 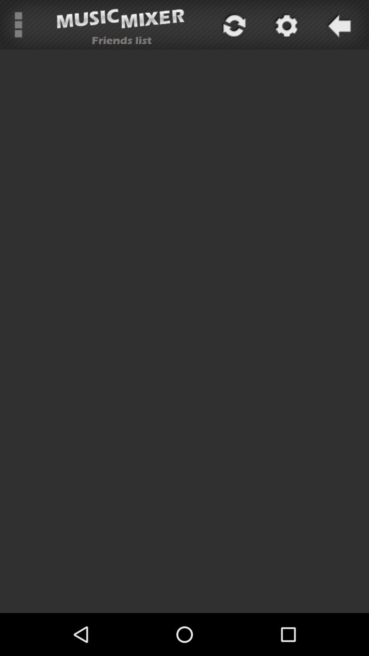 What do you see at coordinates (18, 25) in the screenshot?
I see `item to the left of the friends list app` at bounding box center [18, 25].